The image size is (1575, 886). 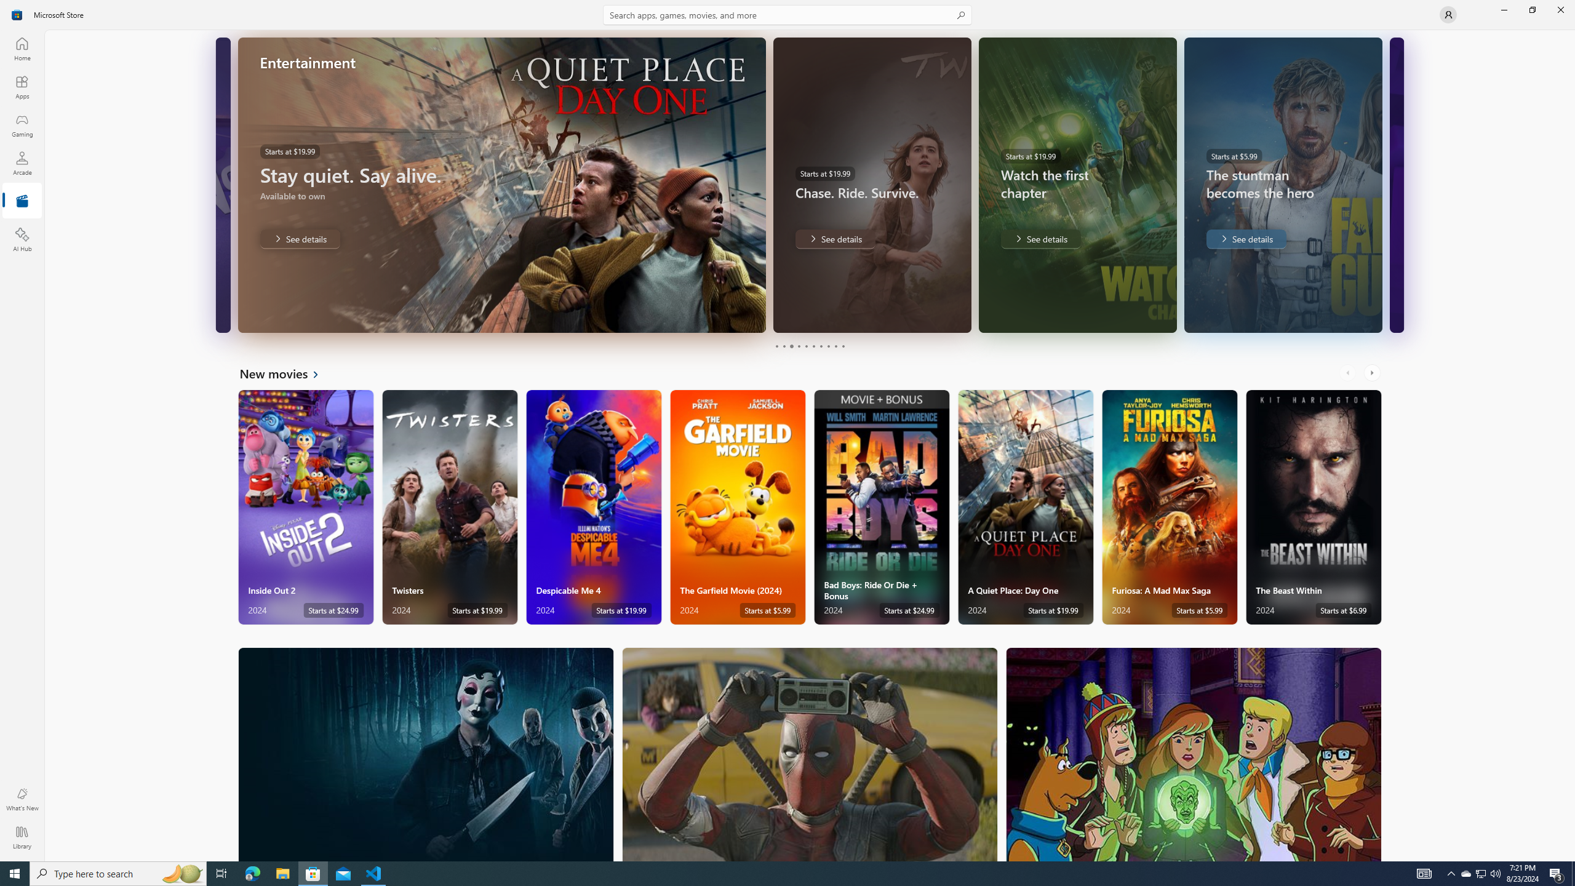 I want to click on 'The Garfield Movie (2024). Starts at $5.99  ', so click(x=737, y=507).